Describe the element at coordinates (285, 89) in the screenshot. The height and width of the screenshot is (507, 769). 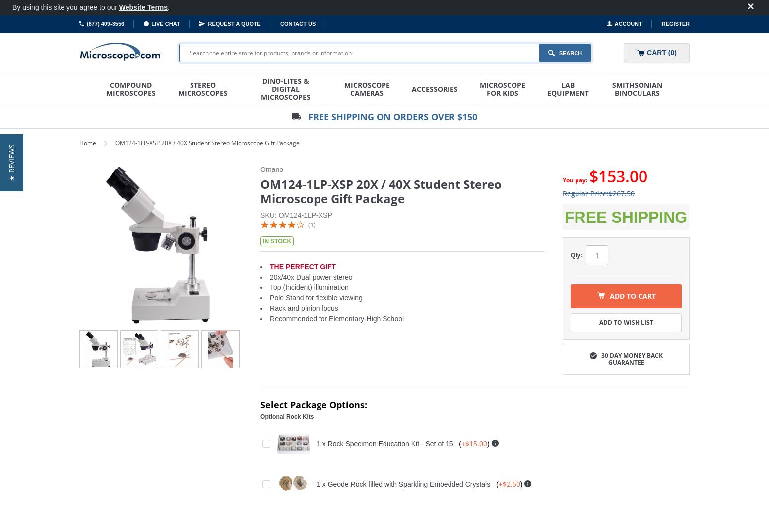
I see `'Dino-Lites & Digital Microscopes'` at that location.